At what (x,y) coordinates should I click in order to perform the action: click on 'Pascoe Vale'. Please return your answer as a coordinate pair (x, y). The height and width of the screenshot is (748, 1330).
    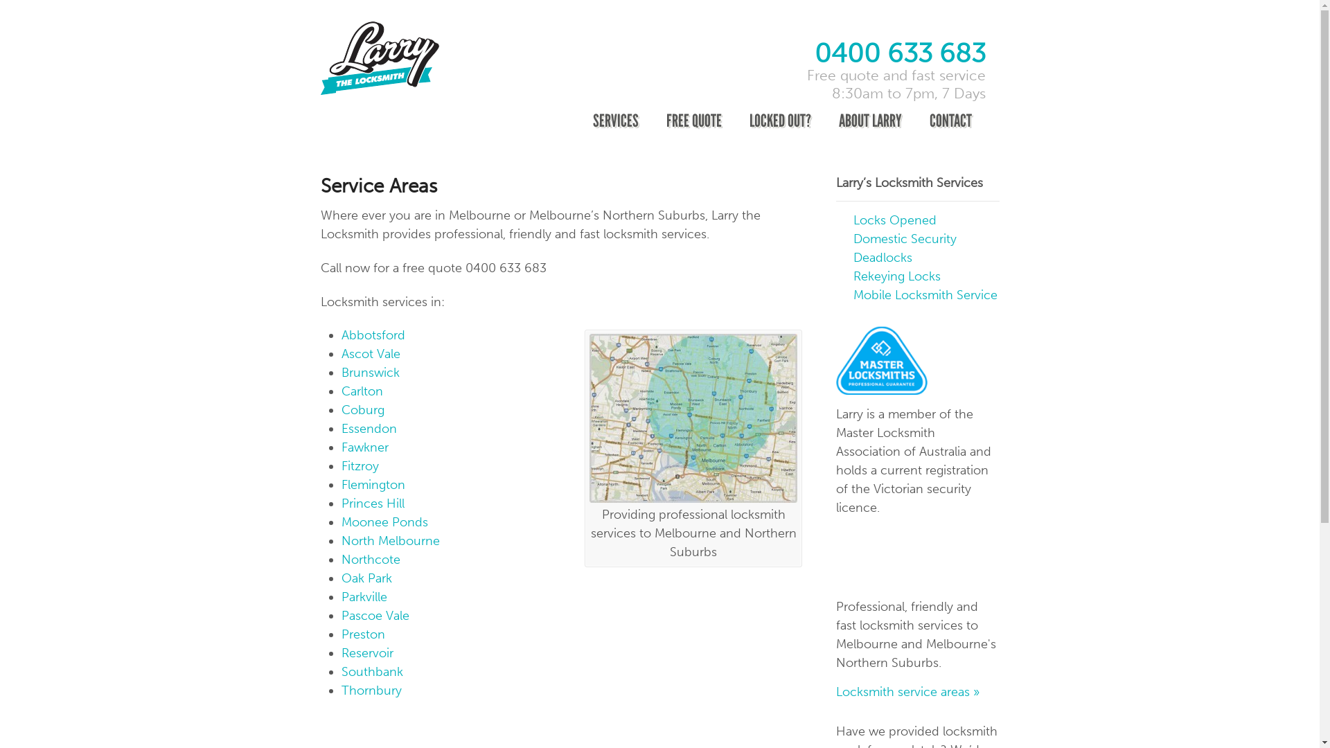
    Looking at the image, I should click on (375, 614).